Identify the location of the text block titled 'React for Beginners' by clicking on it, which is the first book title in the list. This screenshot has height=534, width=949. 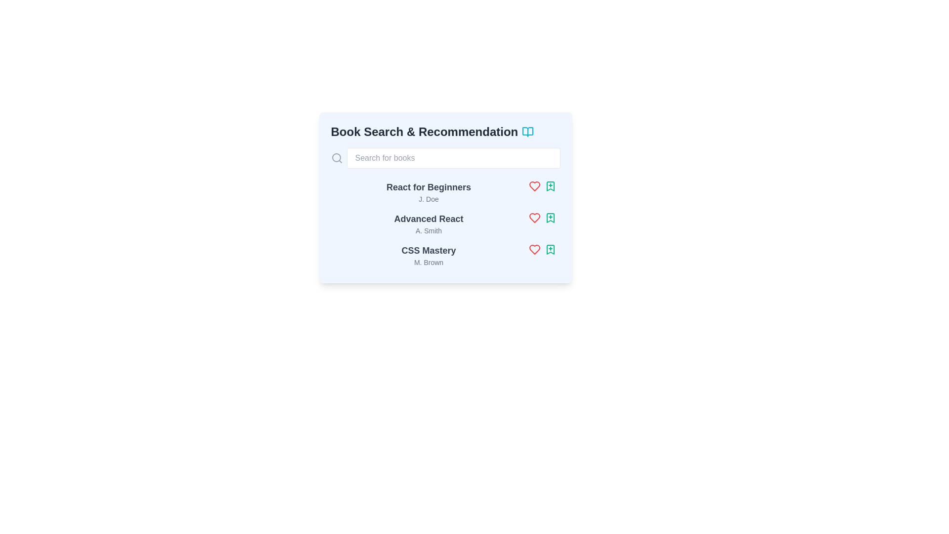
(429, 192).